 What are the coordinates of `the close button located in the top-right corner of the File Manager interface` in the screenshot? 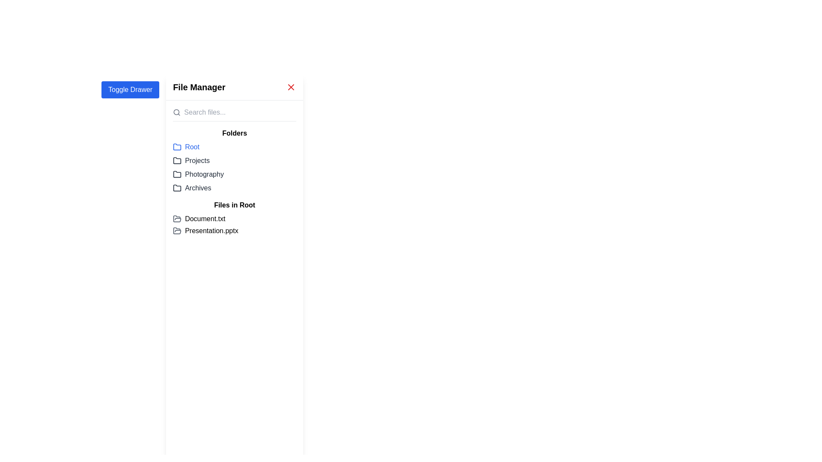 It's located at (291, 87).